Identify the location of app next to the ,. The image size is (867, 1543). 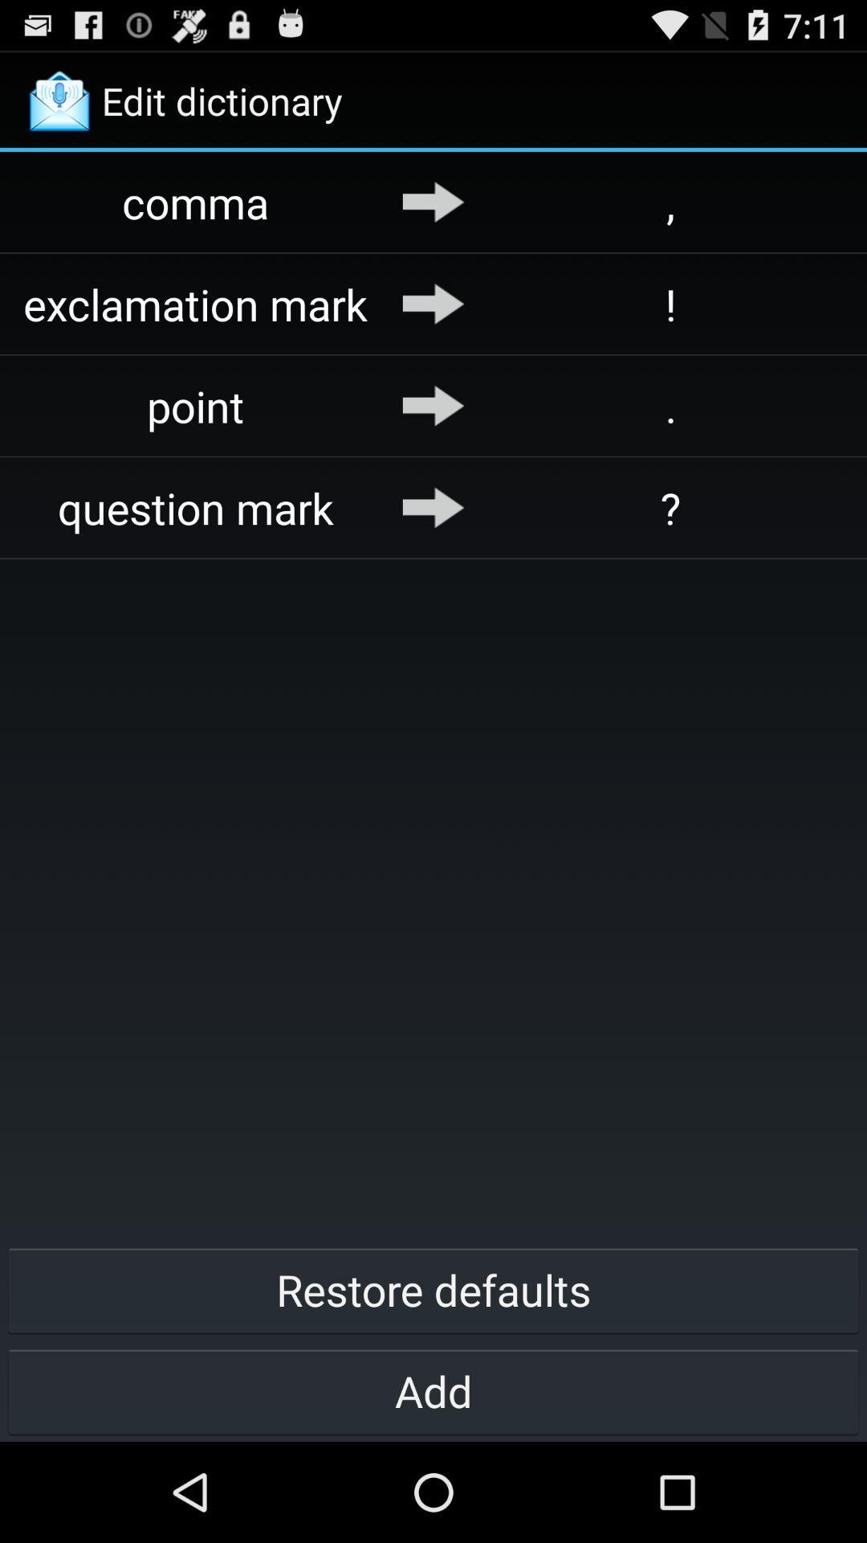
(433, 201).